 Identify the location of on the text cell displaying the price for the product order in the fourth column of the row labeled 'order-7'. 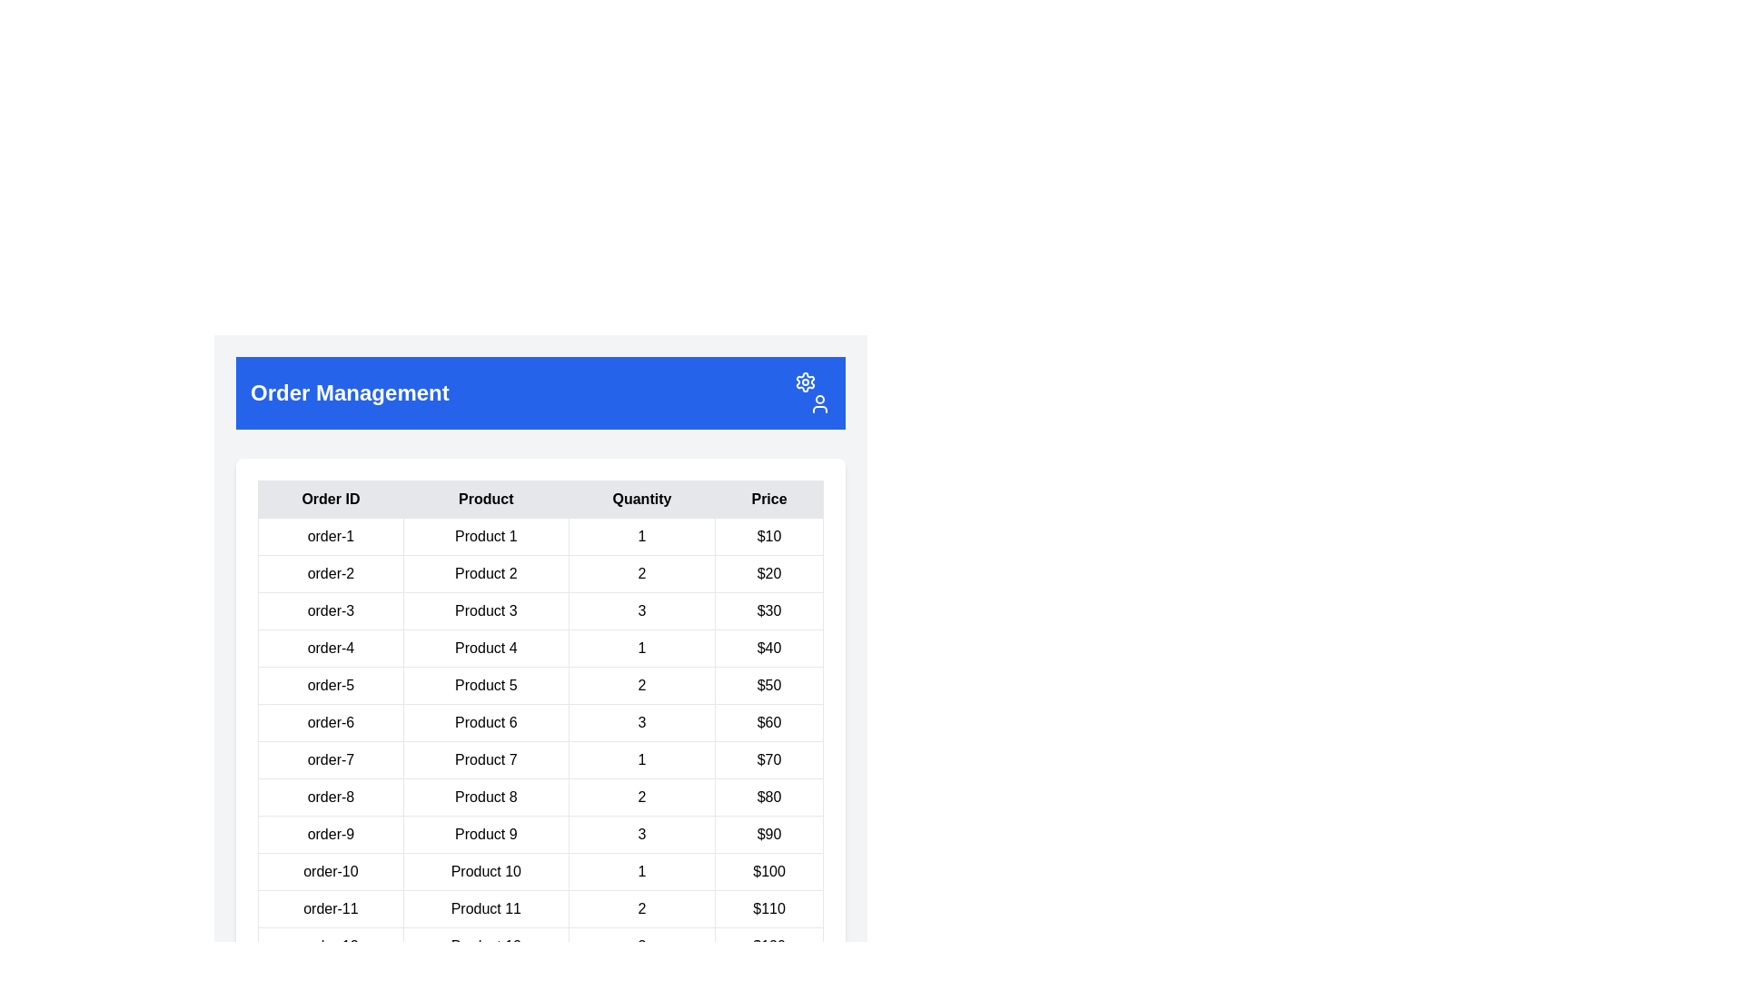
(769, 760).